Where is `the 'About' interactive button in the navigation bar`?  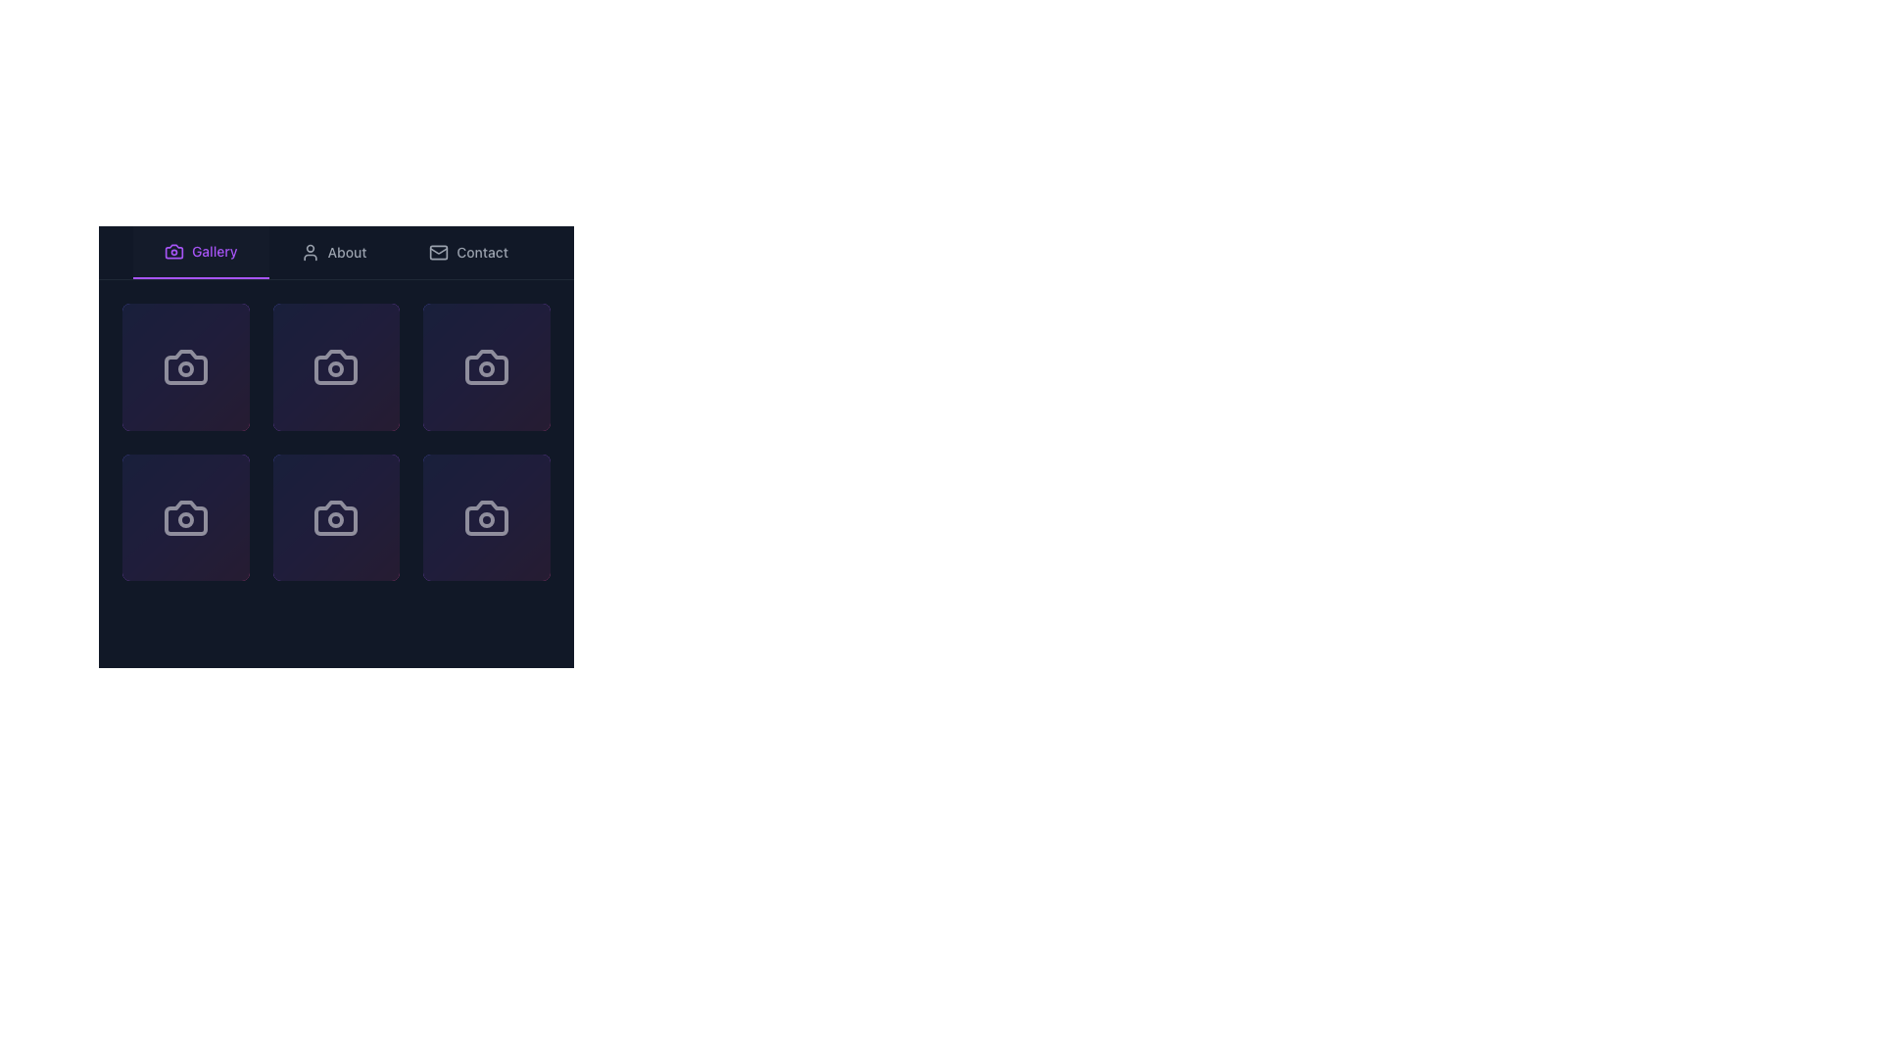
the 'About' interactive button in the navigation bar is located at coordinates (333, 252).